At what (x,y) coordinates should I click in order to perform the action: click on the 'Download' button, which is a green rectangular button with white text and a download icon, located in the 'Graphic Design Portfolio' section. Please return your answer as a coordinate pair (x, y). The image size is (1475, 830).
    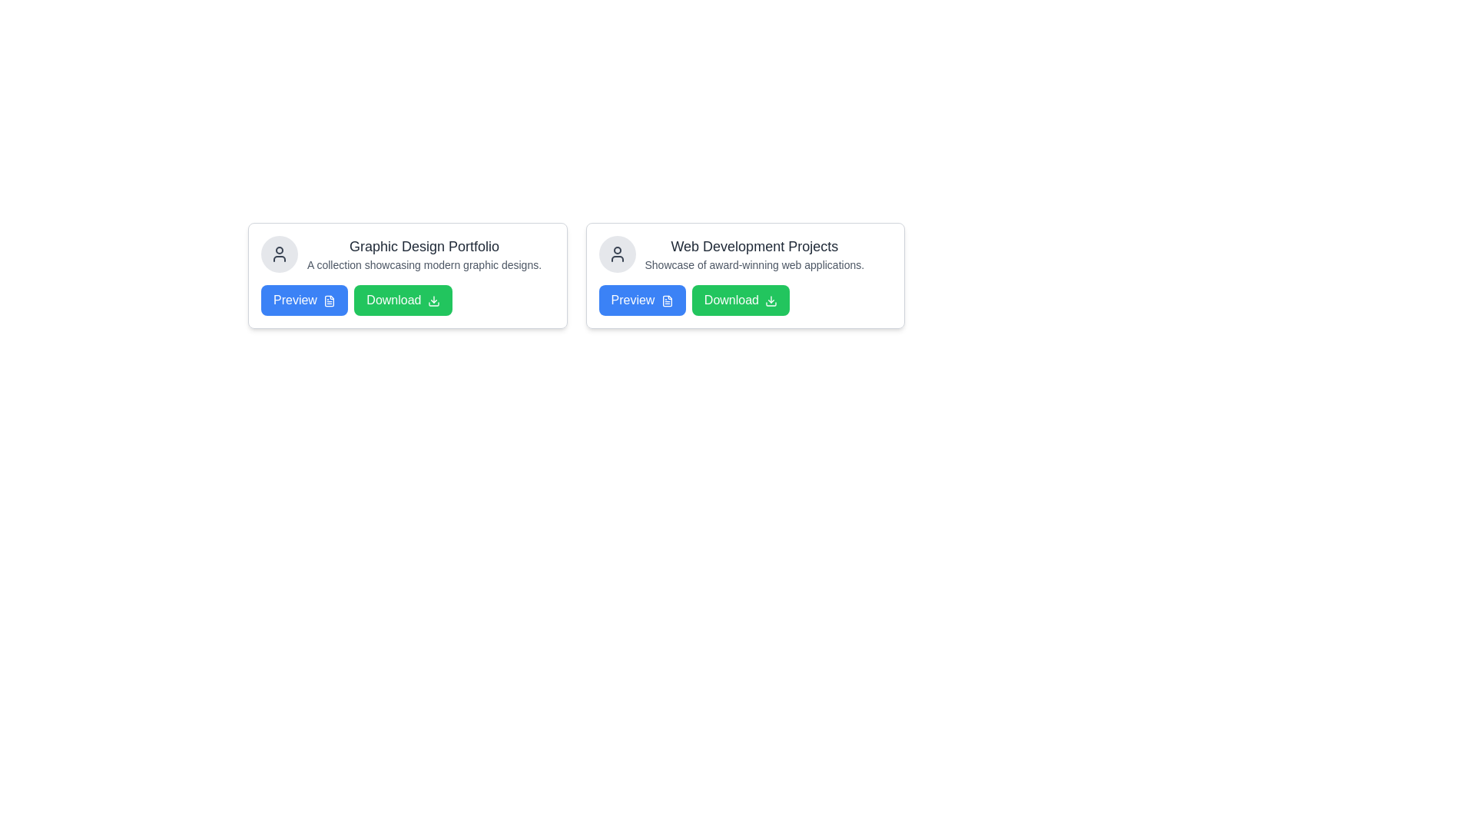
    Looking at the image, I should click on (403, 300).